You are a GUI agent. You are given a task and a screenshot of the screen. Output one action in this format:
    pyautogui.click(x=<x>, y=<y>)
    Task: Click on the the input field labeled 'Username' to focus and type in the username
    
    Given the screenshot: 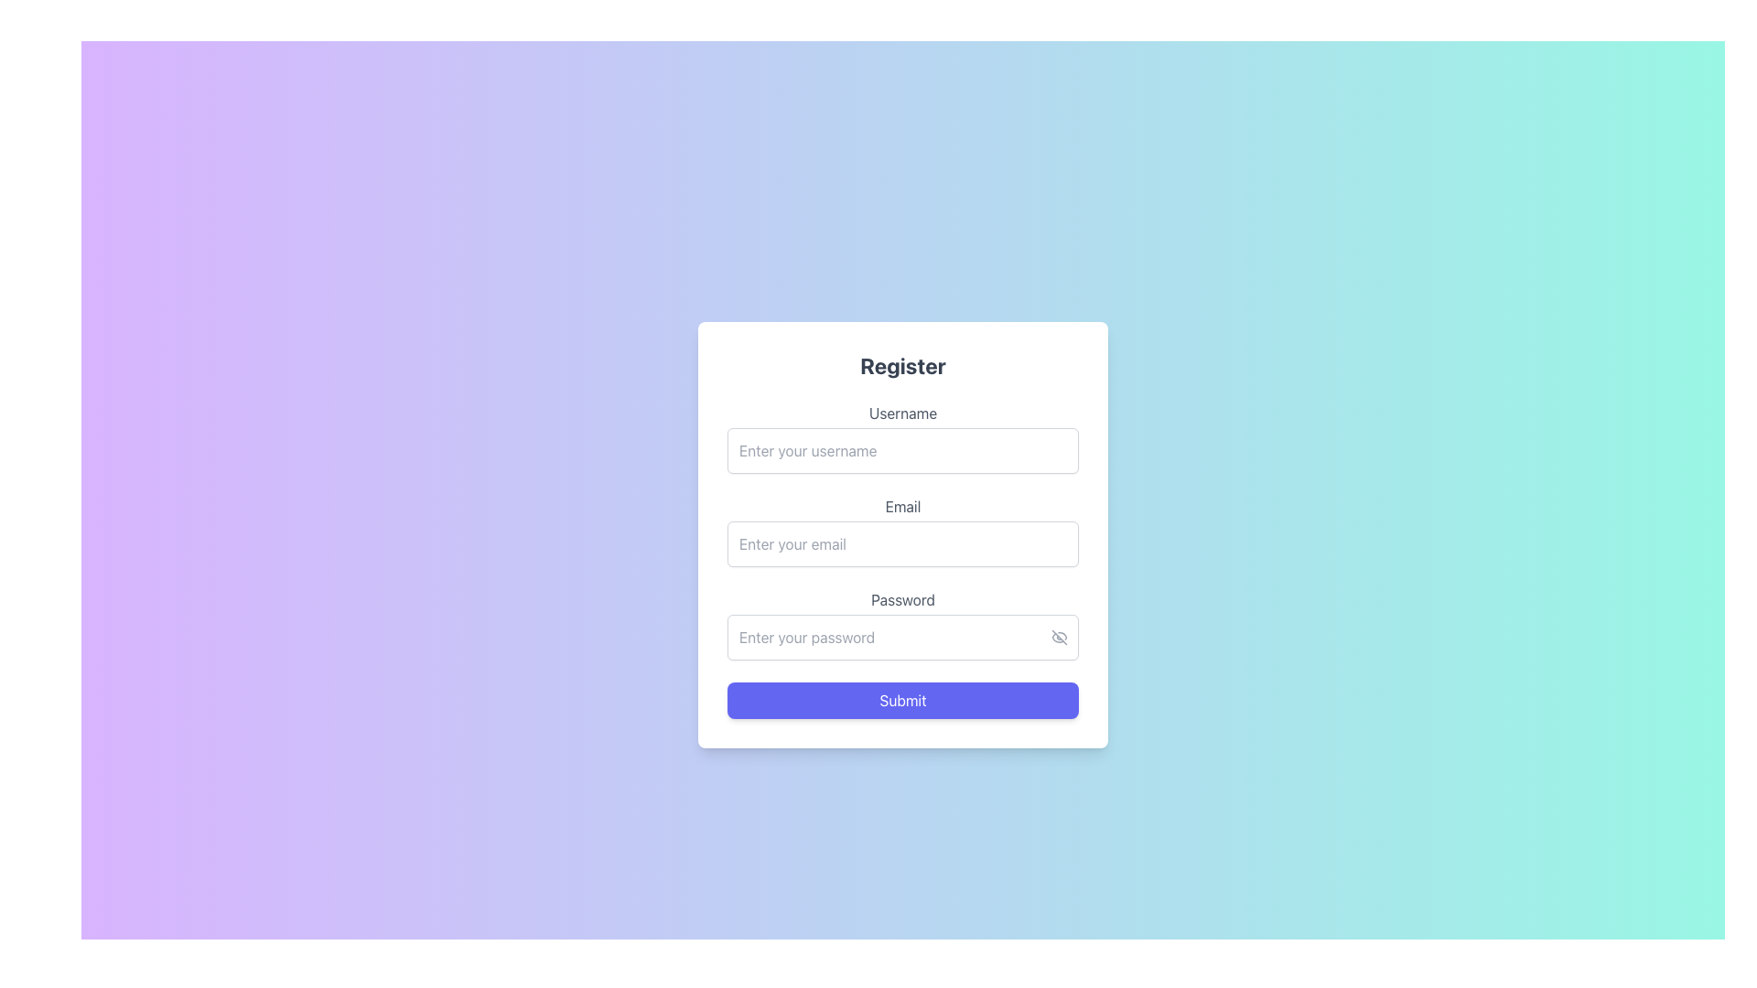 What is the action you would take?
    pyautogui.click(x=903, y=437)
    